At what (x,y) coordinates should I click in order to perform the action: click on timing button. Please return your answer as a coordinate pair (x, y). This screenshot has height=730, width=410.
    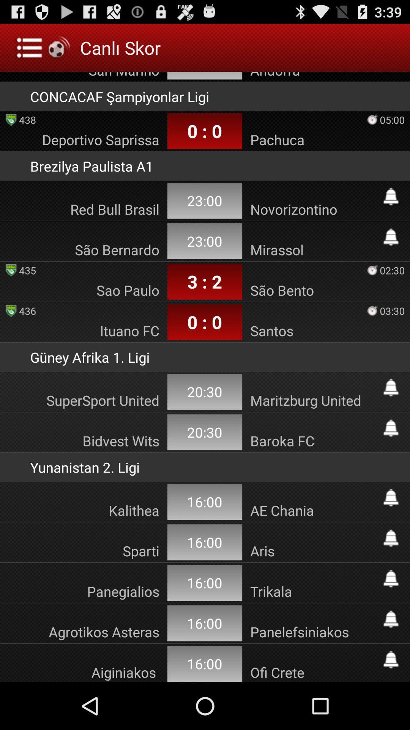
    Looking at the image, I should click on (391, 197).